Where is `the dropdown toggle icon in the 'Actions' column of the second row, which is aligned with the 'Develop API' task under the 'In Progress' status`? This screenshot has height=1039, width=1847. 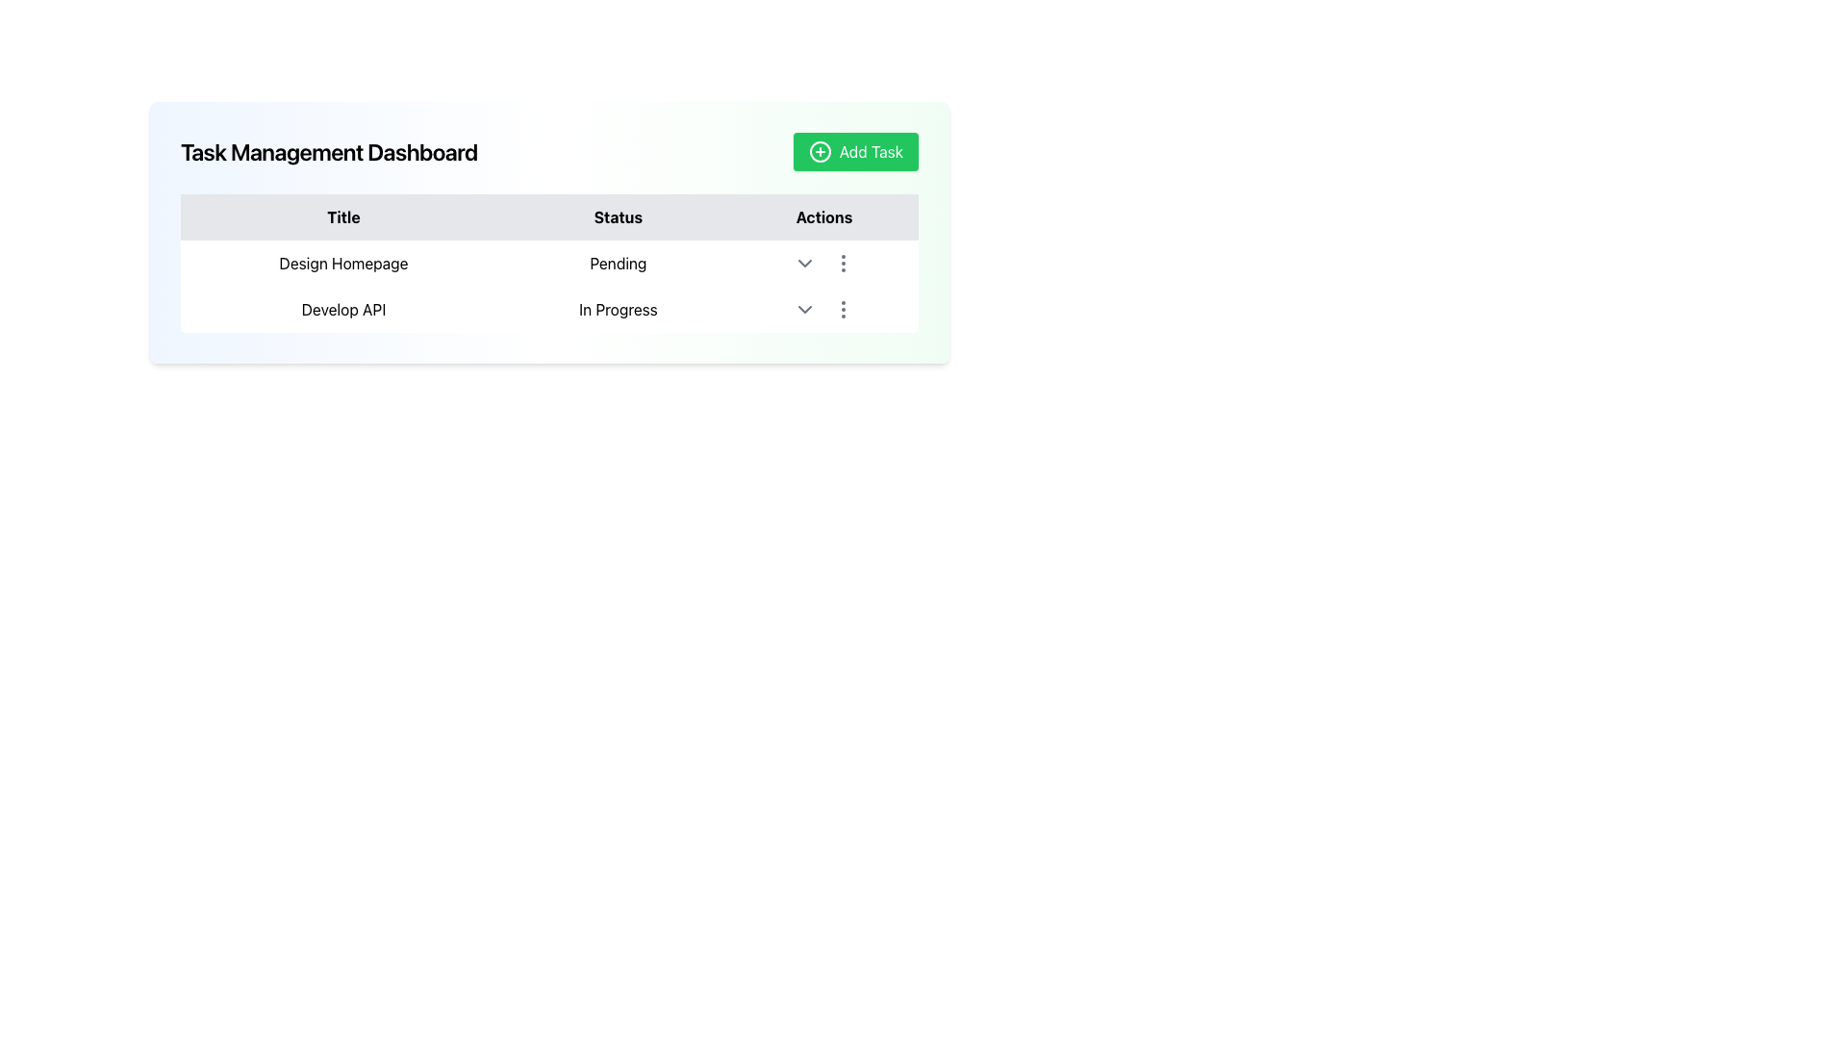 the dropdown toggle icon in the 'Actions' column of the second row, which is aligned with the 'Develop API' task under the 'In Progress' status is located at coordinates (804, 308).